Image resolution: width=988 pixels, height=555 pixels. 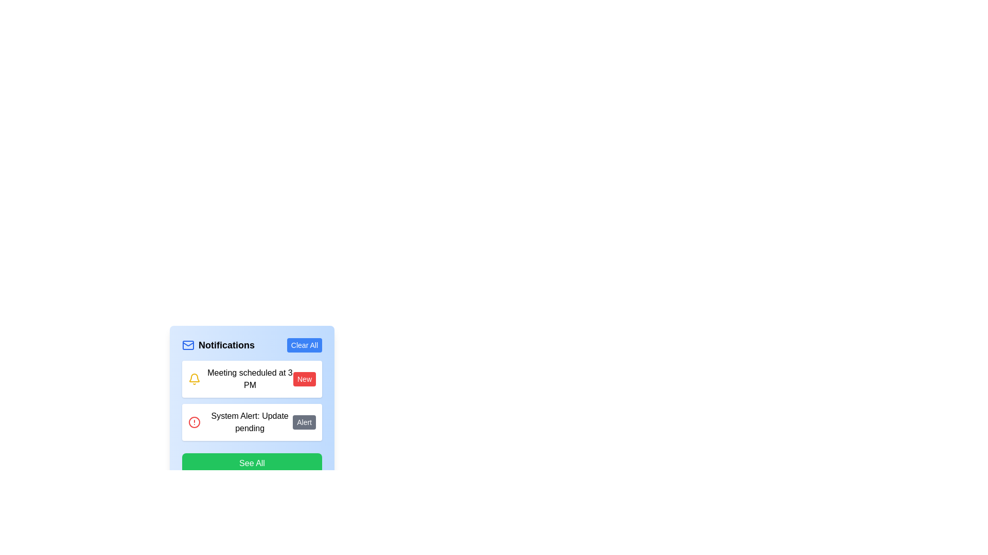 I want to click on the notification card that informs the user of a pending system update, located below the 'Meeting scheduled at 3 PM' card and above the 'See All' button, so click(x=252, y=422).